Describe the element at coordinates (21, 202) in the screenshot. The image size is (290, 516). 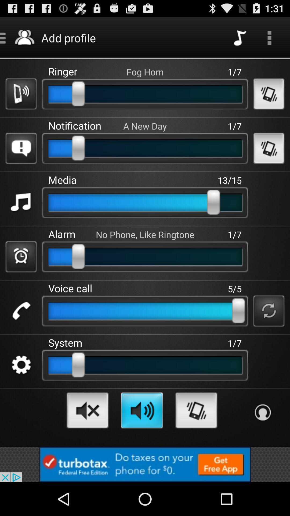
I see `music` at that location.